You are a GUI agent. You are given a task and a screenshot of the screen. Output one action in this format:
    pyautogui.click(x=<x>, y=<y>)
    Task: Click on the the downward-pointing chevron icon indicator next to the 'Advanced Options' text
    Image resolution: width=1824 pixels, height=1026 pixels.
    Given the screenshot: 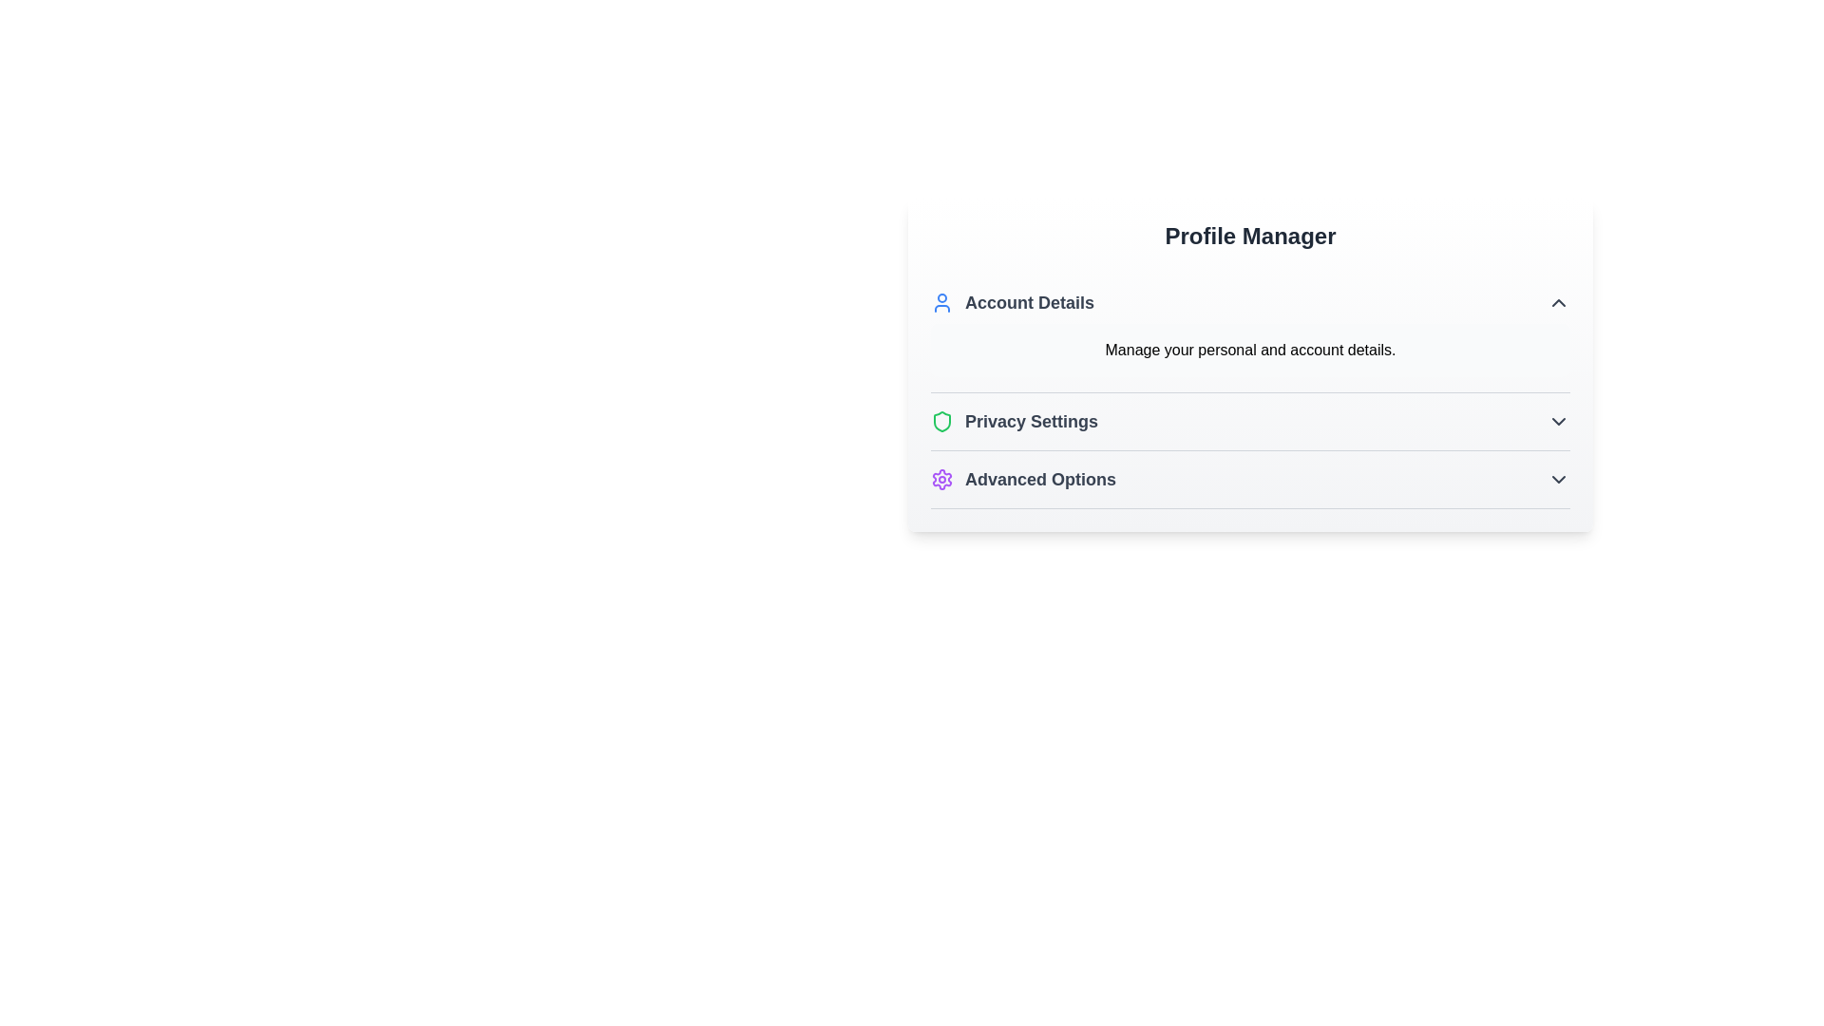 What is the action you would take?
    pyautogui.click(x=1559, y=479)
    